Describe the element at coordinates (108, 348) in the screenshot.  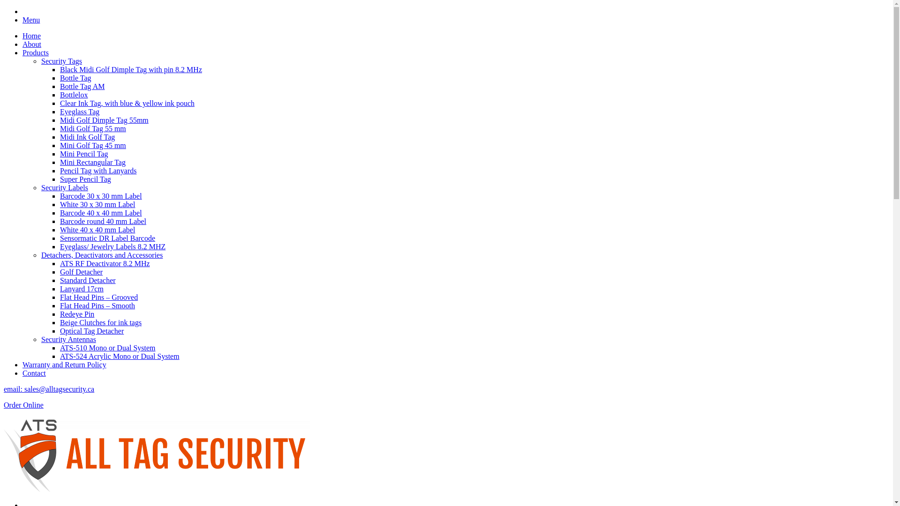
I see `'ATS-510 Mono or Dual System'` at that location.